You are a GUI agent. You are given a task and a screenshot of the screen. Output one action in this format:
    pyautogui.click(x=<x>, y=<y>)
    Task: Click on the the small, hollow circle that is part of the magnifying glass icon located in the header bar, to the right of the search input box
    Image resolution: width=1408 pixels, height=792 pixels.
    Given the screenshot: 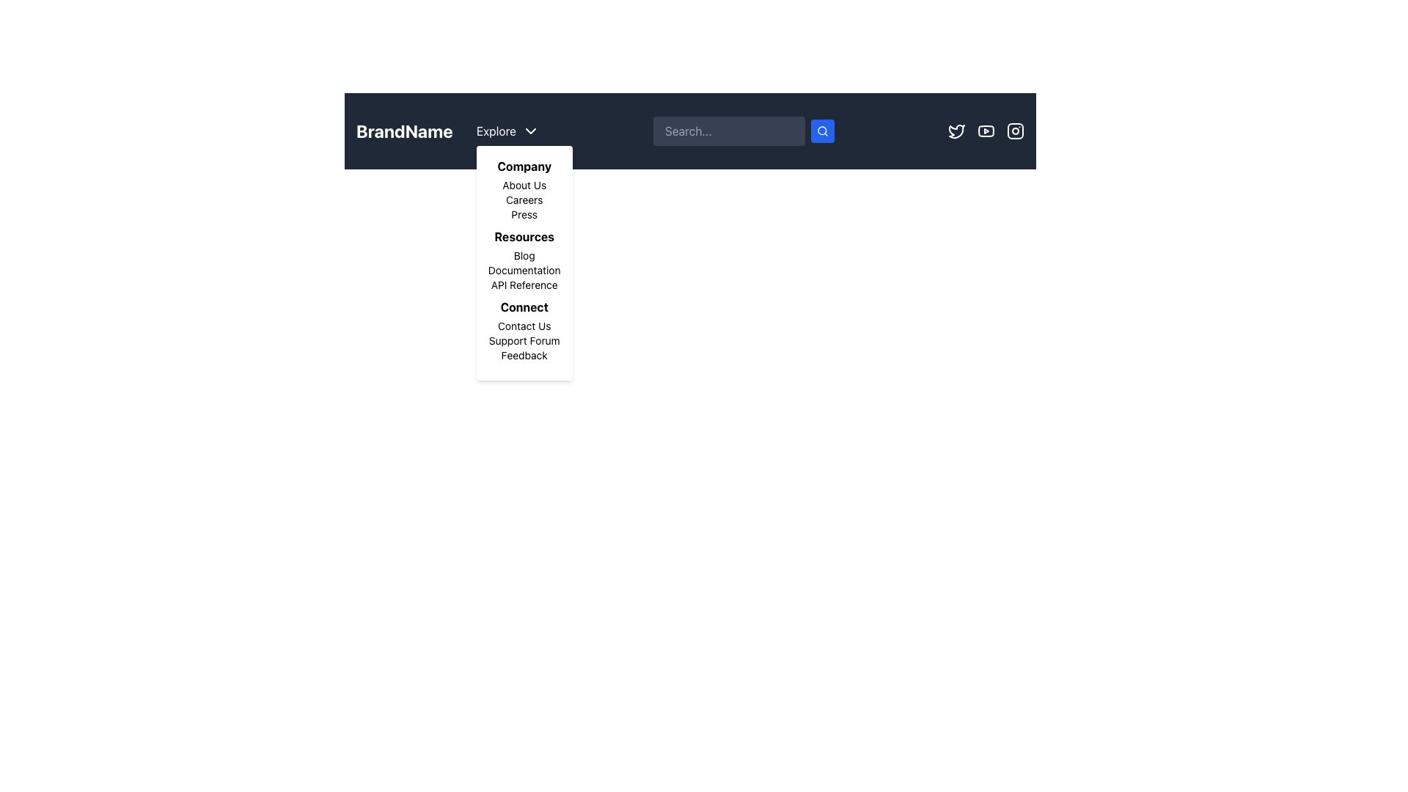 What is the action you would take?
    pyautogui.click(x=822, y=130)
    